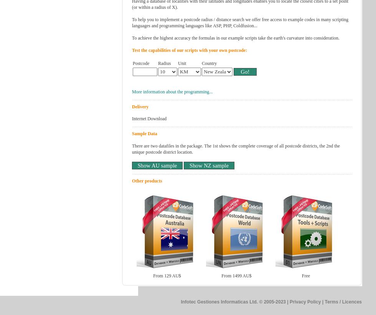 Image resolution: width=376 pixels, height=315 pixels. I want to click on 'Other products', so click(147, 181).